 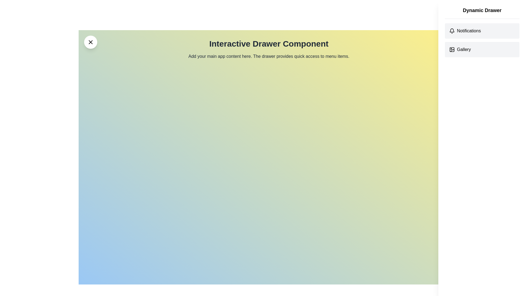 What do you see at coordinates (452, 50) in the screenshot?
I see `the icon resembling an image or photograph, which is located within the 'Gallery' button in the right-hand vertical menu, positioned to the left of the label text` at bounding box center [452, 50].